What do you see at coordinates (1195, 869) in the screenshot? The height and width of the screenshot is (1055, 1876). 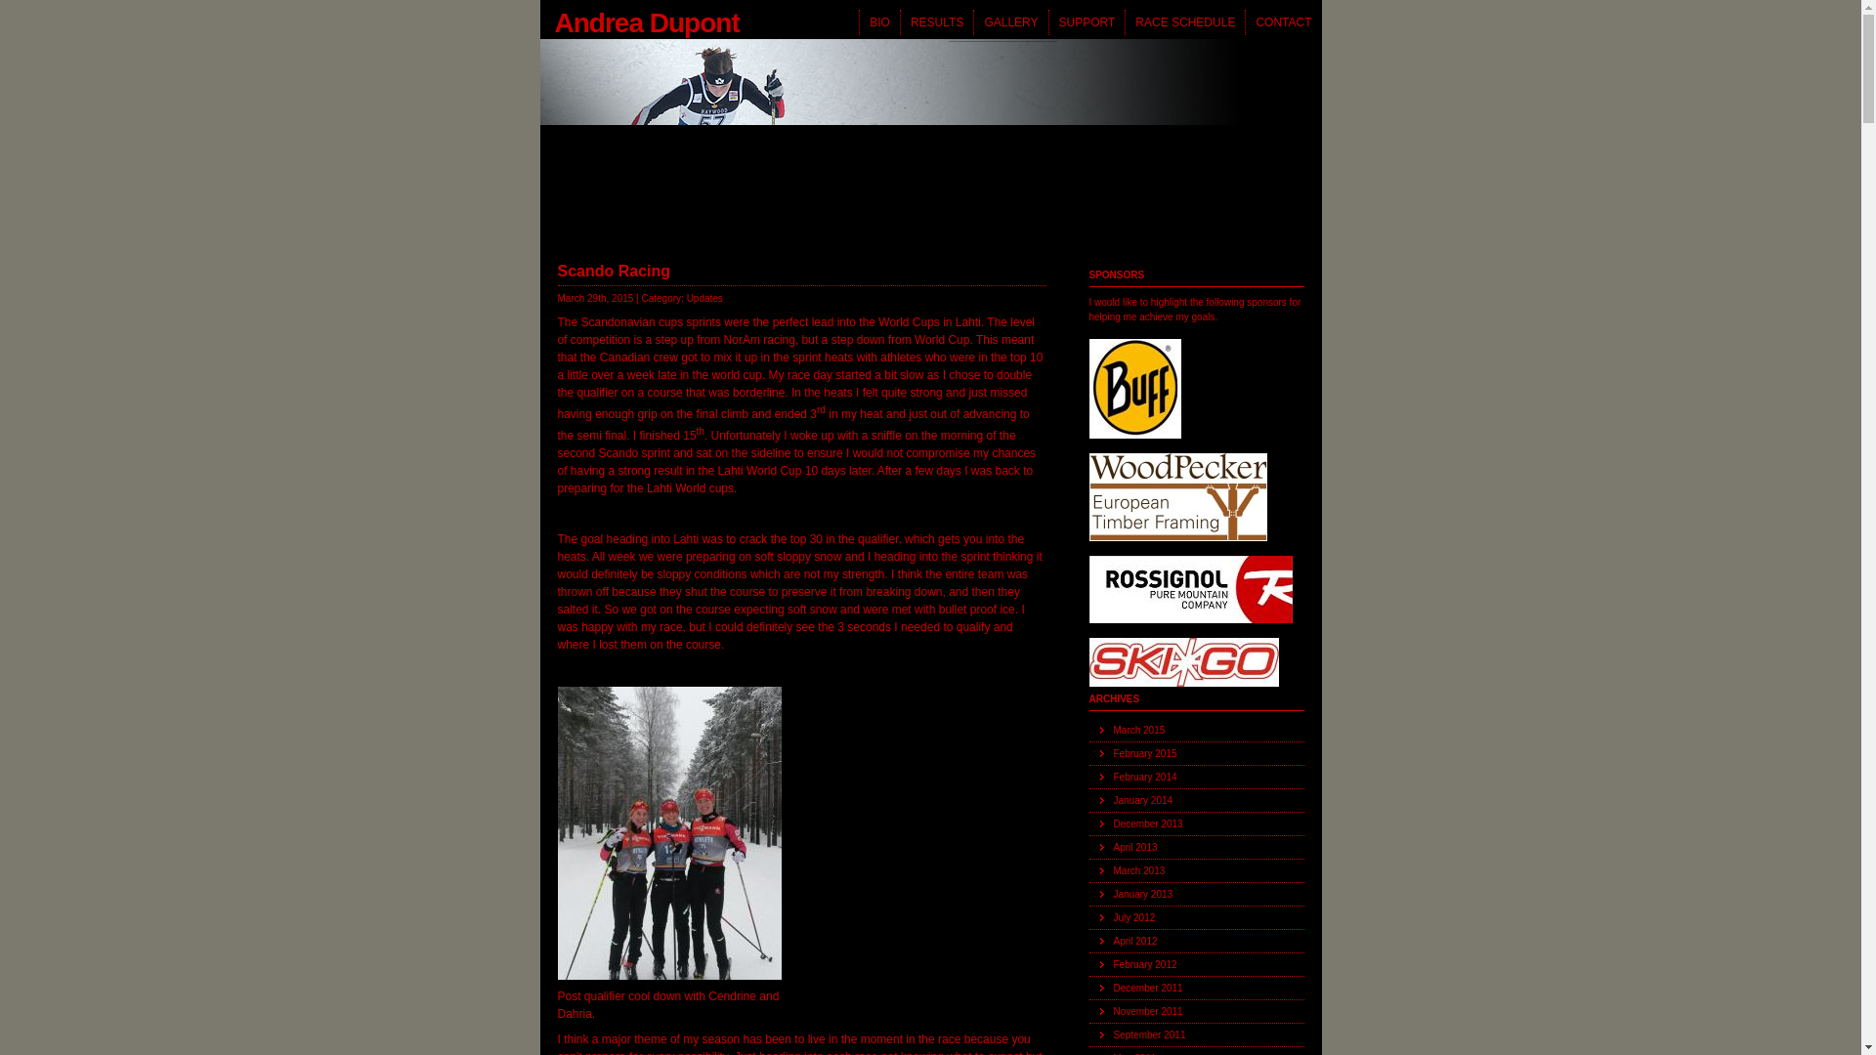 I see `'March 2013'` at bounding box center [1195, 869].